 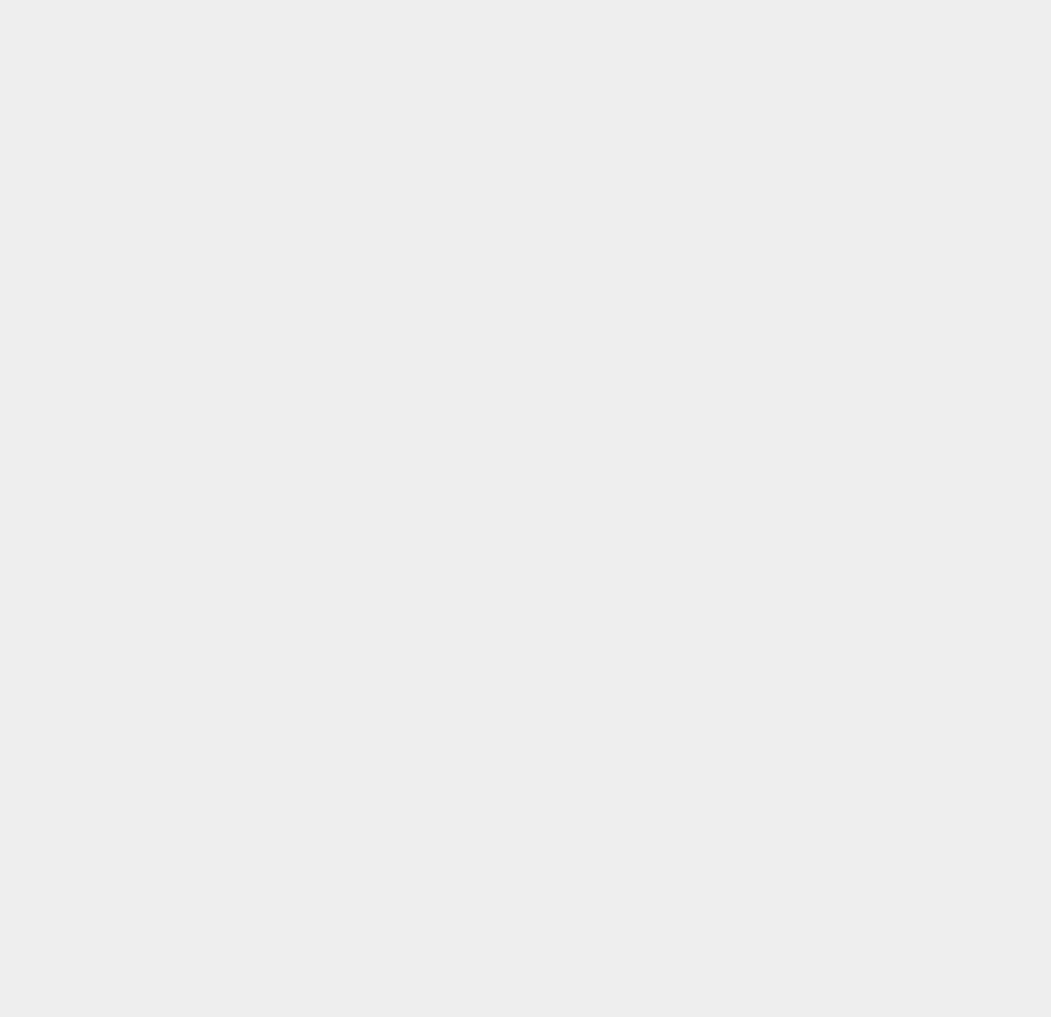 What do you see at coordinates (780, 314) in the screenshot?
I see `'macOS Beta'` at bounding box center [780, 314].